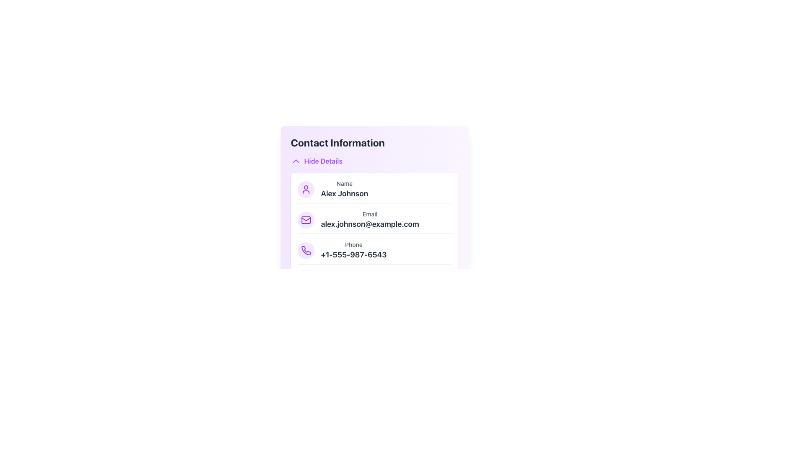 This screenshot has width=804, height=452. What do you see at coordinates (305, 250) in the screenshot?
I see `the Decorative icon indicating the phone contact information, positioned to the left of the text reading '+1-555-987-6543'` at bounding box center [305, 250].